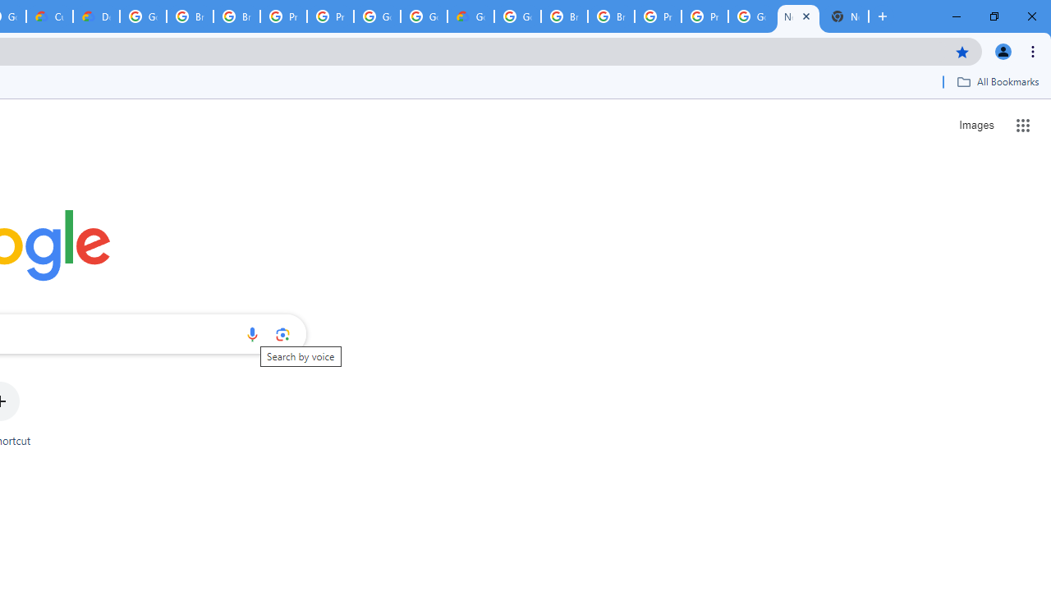 This screenshot has height=591, width=1051. I want to click on 'New Tab', so click(845, 16).